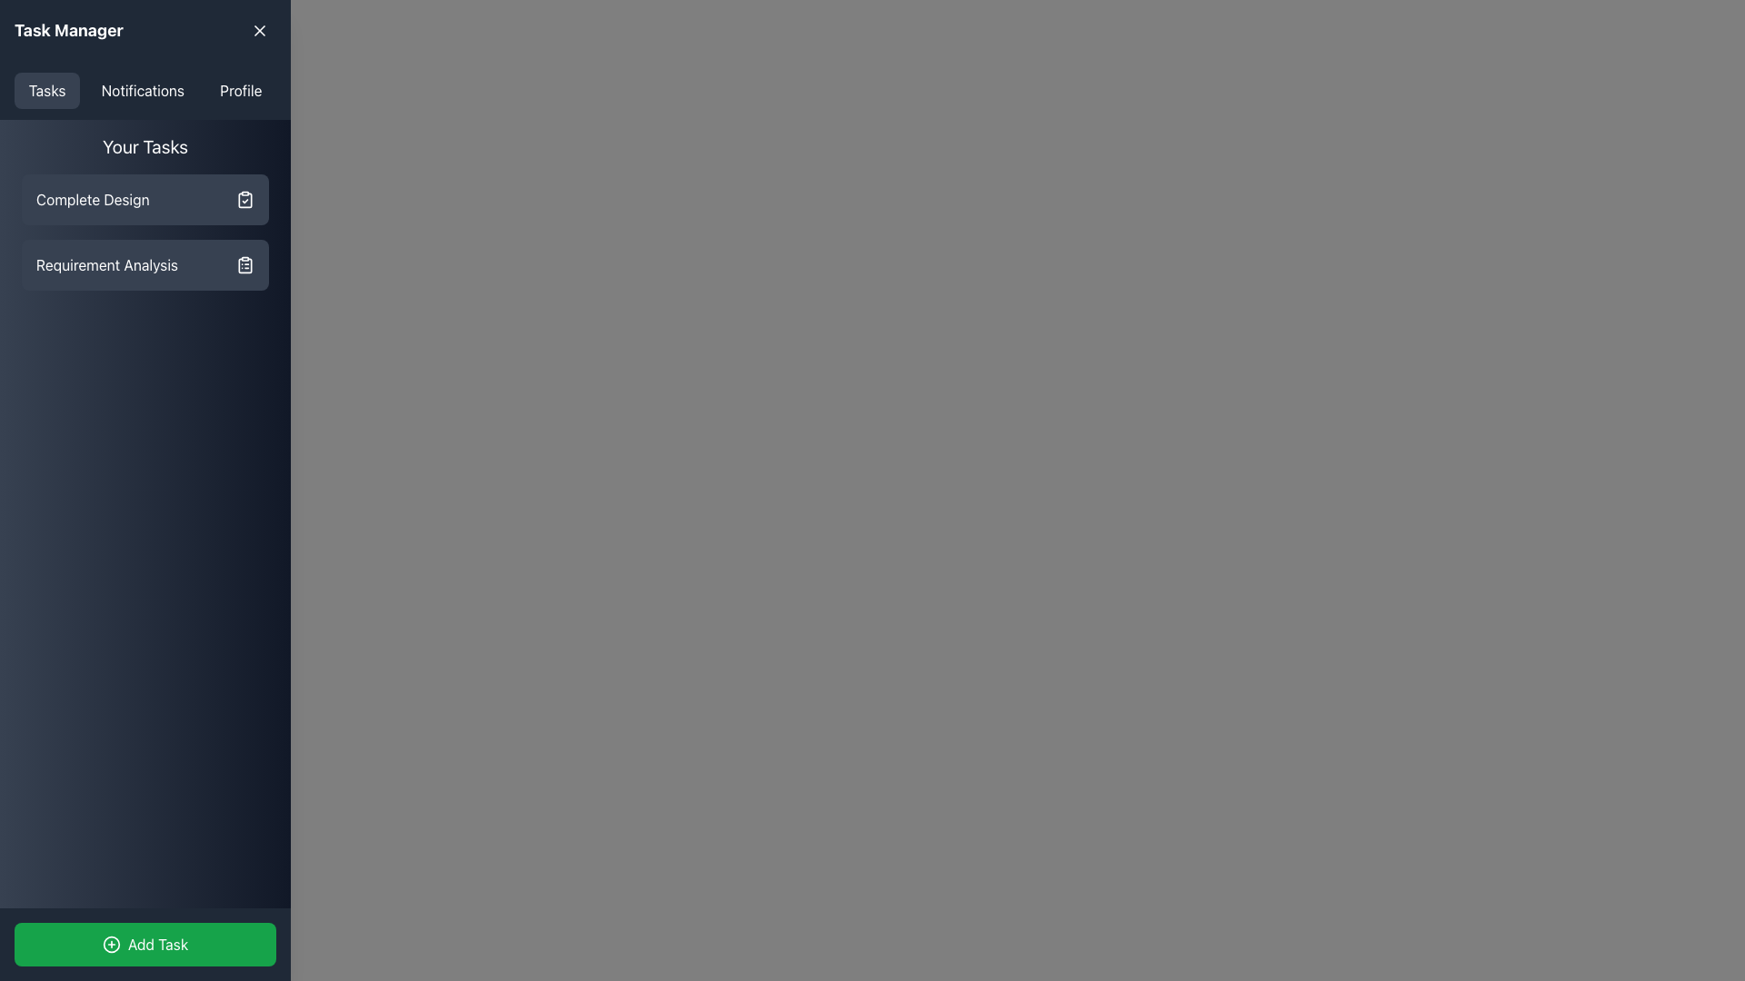  What do you see at coordinates (244, 199) in the screenshot?
I see `the clipboard icon representing tasks or notes, located in the first task box under the 'Your Tasks' header` at bounding box center [244, 199].